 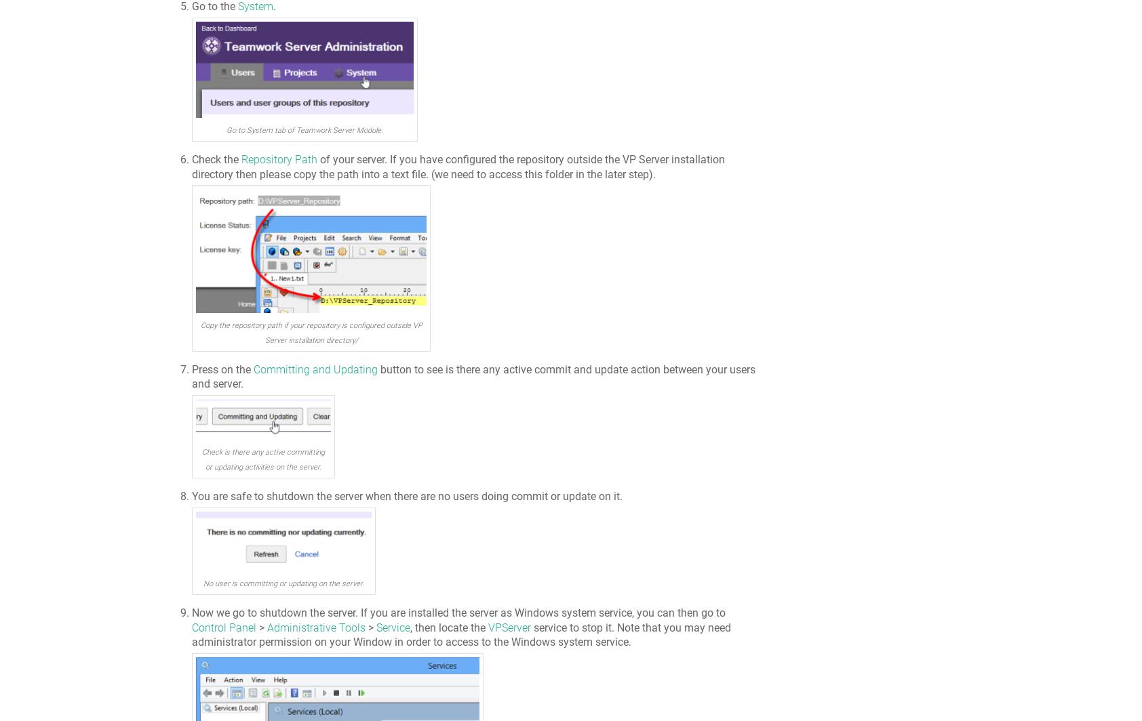 What do you see at coordinates (275, 6) in the screenshot?
I see `'.'` at bounding box center [275, 6].